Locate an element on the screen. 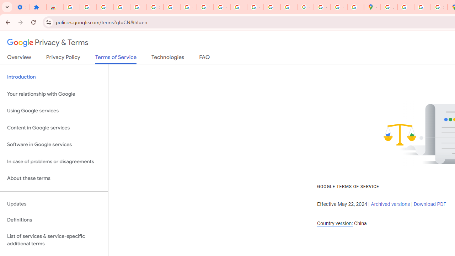 This screenshot has height=256, width=455. 'Safety in Our Products - Google Safety Center' is located at coordinates (439, 7).